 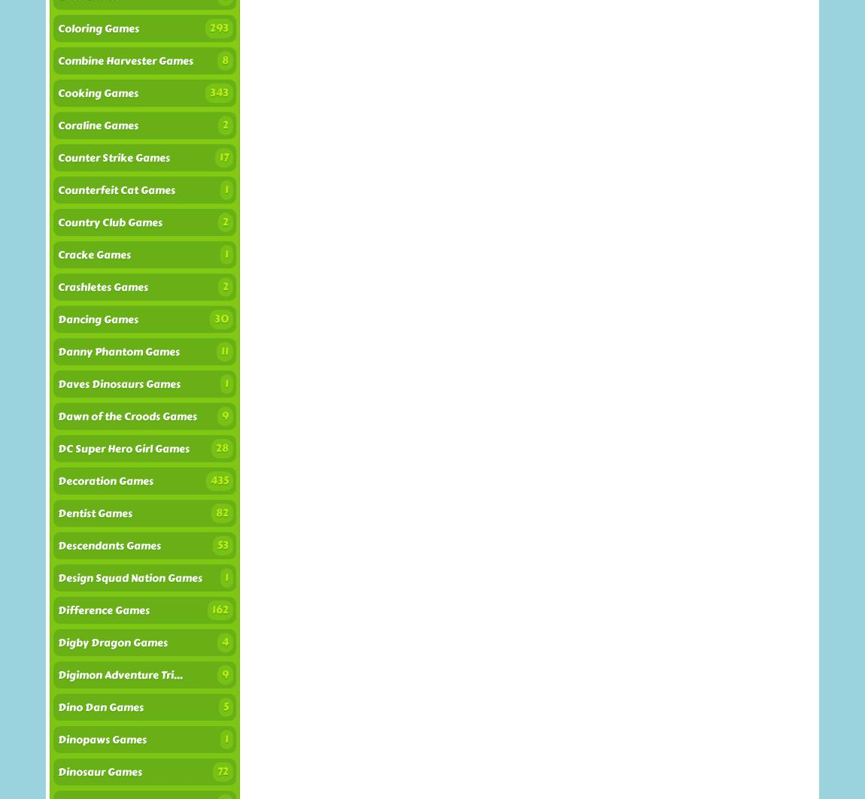 What do you see at coordinates (97, 93) in the screenshot?
I see `'Cooking Games'` at bounding box center [97, 93].